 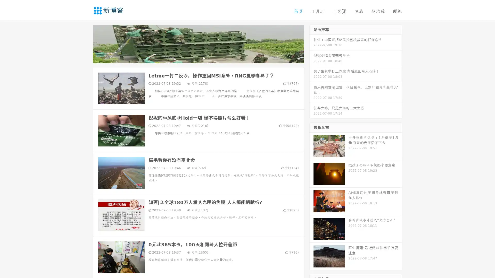 I want to click on Go to slide 3, so click(x=203, y=58).